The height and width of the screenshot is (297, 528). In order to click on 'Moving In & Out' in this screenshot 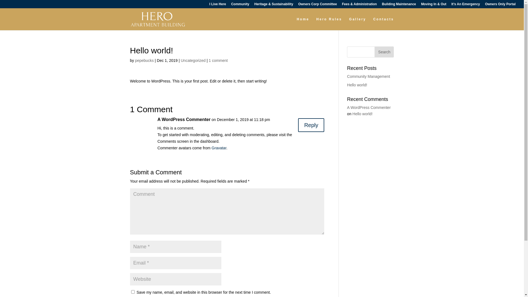, I will do `click(433, 5)`.